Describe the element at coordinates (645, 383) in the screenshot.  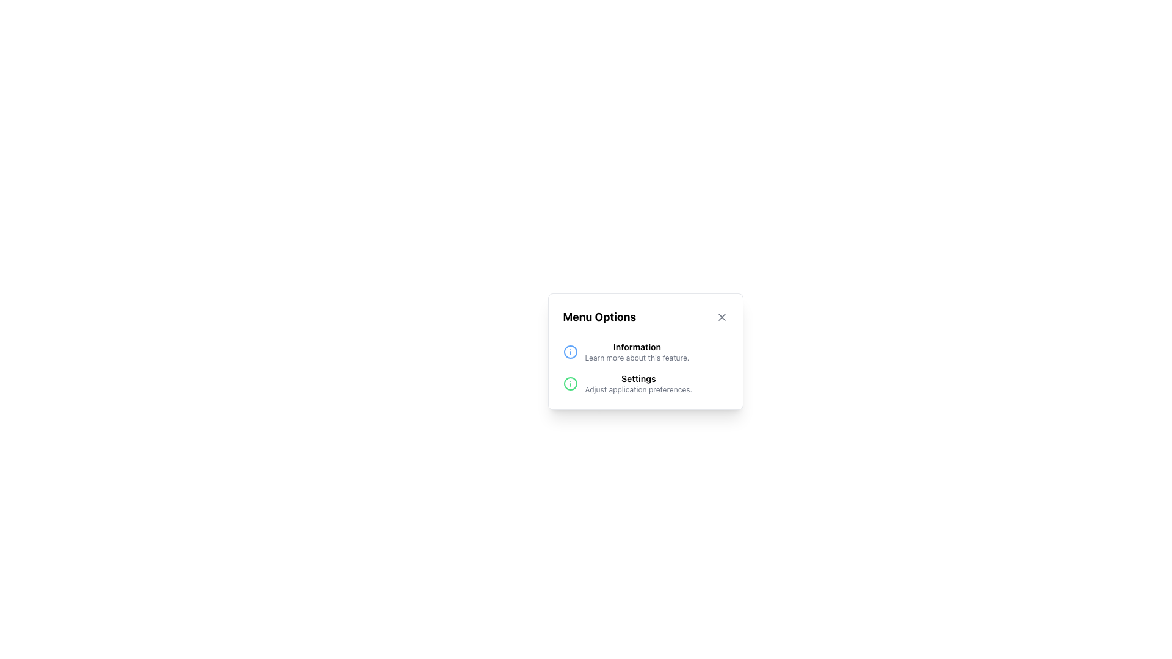
I see `the Settings menu item, which features a green circular icon with 'i' and text describing 'Adjust application preferences.'` at that location.